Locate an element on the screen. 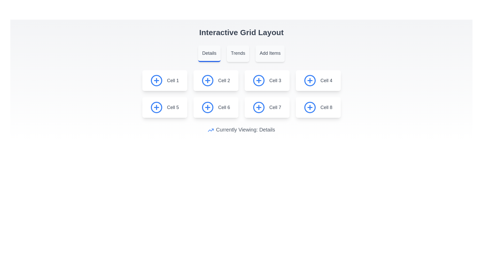 The height and width of the screenshot is (279, 496). the blue plus sign button encased in a transparent circle located in 'Cell 6' of the grid layout is located at coordinates (208, 107).